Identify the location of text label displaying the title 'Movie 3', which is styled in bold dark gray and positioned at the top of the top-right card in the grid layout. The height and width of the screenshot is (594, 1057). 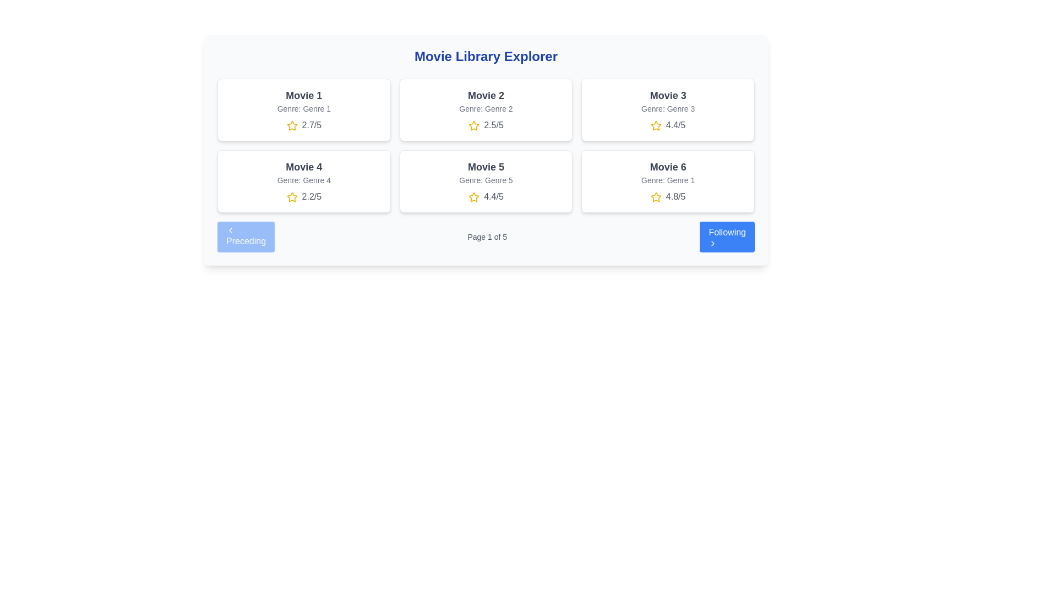
(667, 95).